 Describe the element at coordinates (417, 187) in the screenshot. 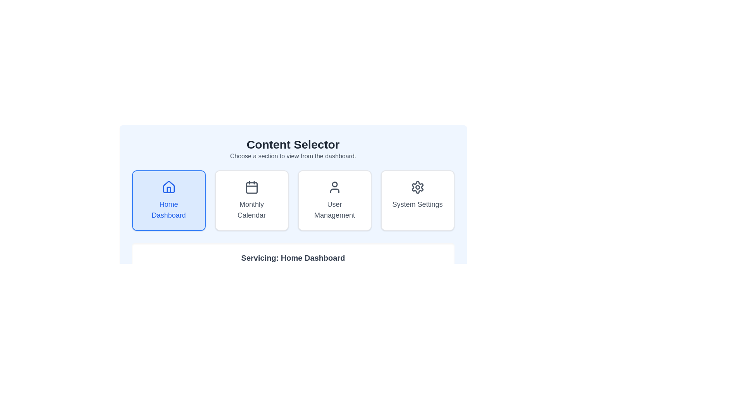

I see `the circular dot located at the center of the gear icon in the 'System Settings' section, which enhances the icon's aesthetic` at that location.